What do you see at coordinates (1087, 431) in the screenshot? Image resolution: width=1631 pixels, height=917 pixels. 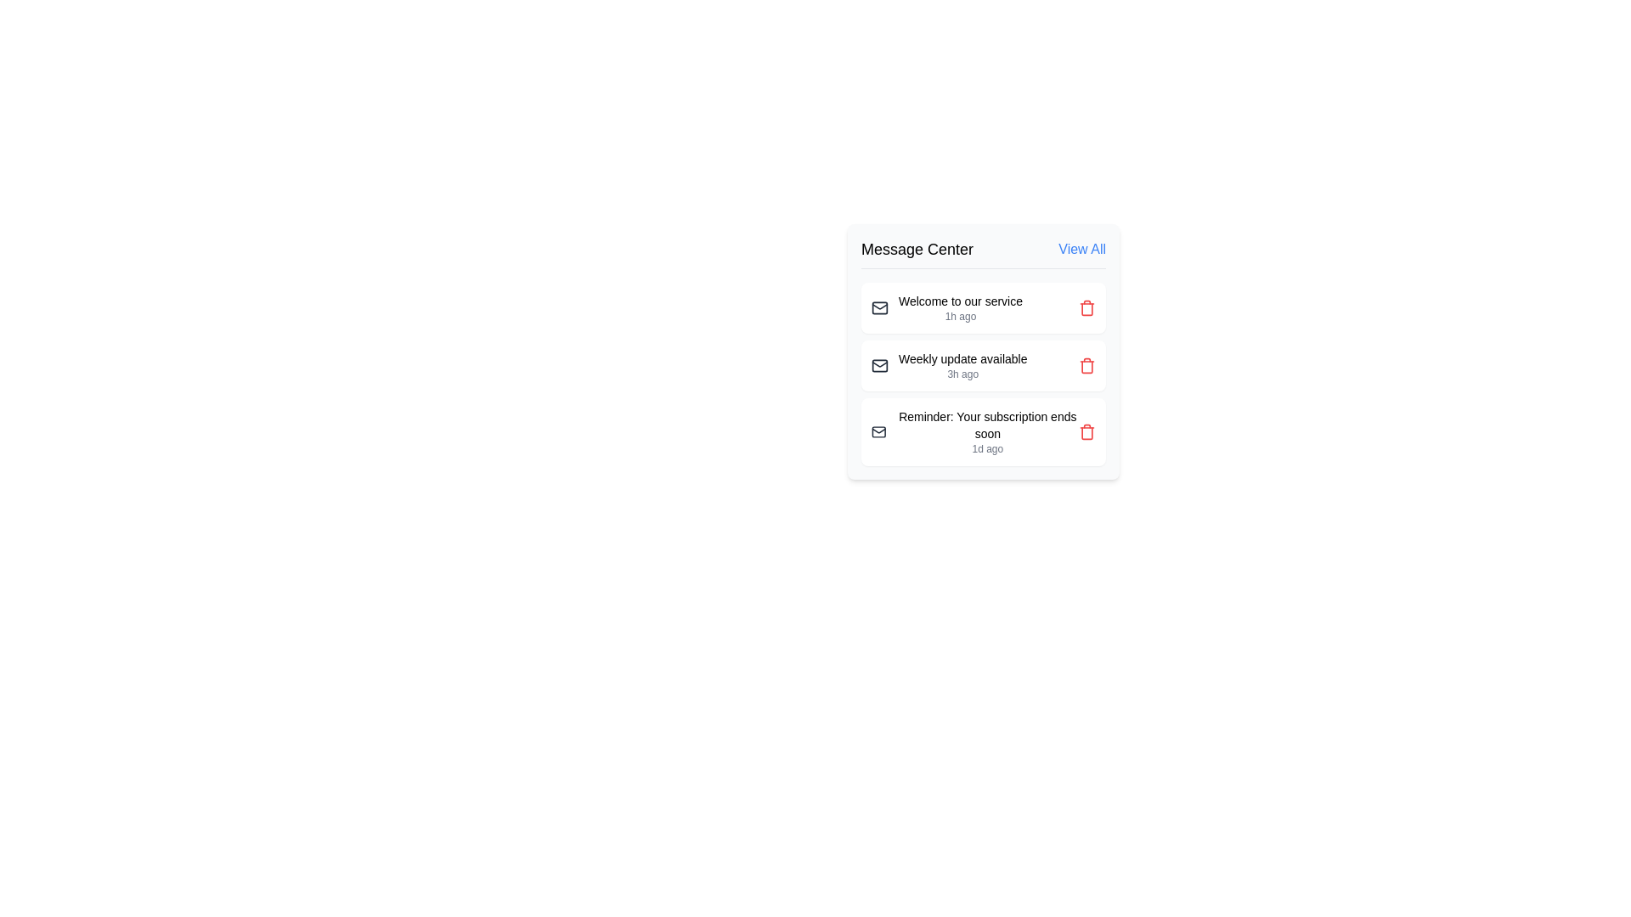 I see `the red trash bin icon button positioned to the far right of the last notification entry in the list` at bounding box center [1087, 431].